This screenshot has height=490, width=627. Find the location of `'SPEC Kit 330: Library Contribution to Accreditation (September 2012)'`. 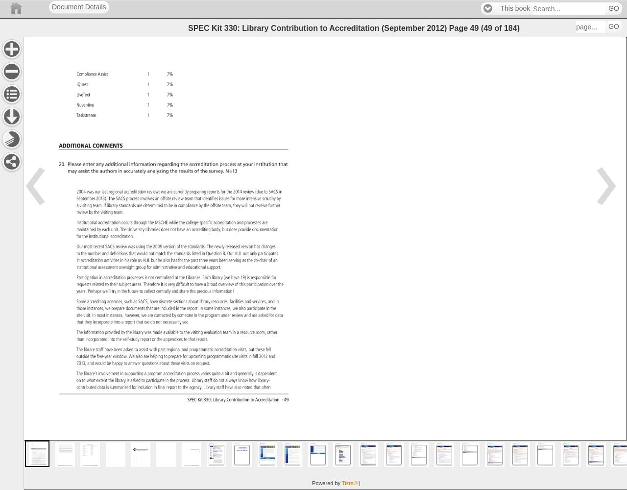

'SPEC Kit 330: Library Contribution to Accreditation (September 2012)' is located at coordinates (318, 27).